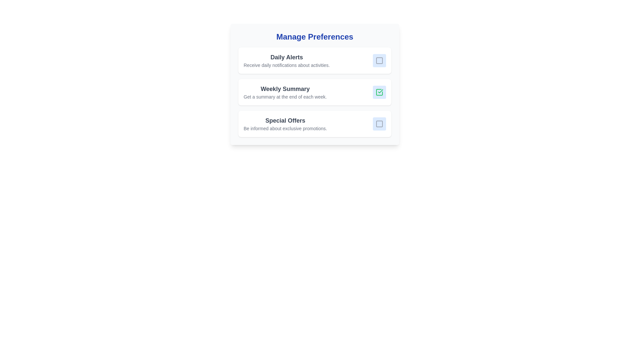 The height and width of the screenshot is (356, 633). I want to click on the checkbox in the second section of 'Manage Preferences', so click(315, 84).